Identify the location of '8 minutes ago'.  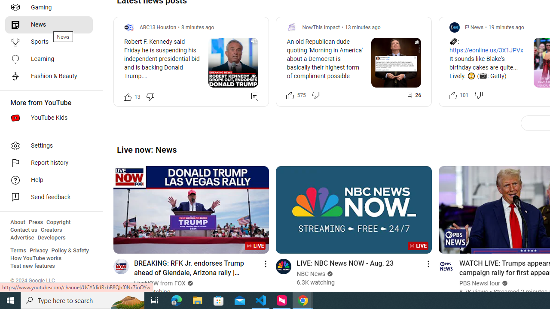
(197, 27).